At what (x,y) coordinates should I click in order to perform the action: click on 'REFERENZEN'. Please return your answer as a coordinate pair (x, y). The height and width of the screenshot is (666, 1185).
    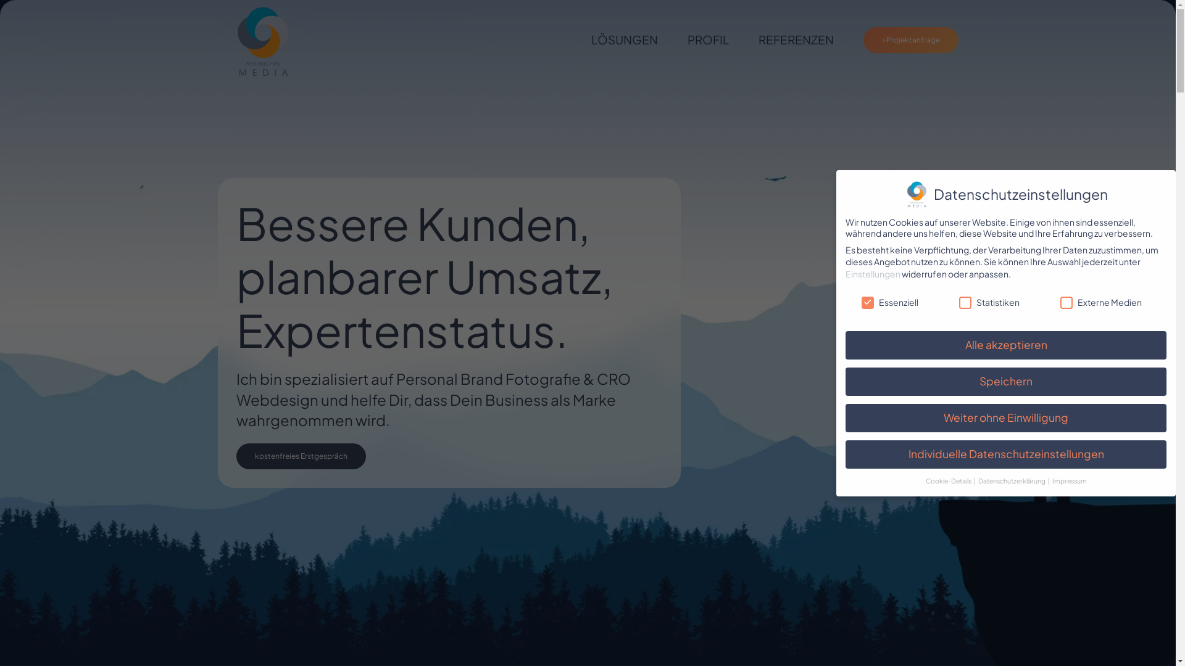
    Looking at the image, I should click on (796, 39).